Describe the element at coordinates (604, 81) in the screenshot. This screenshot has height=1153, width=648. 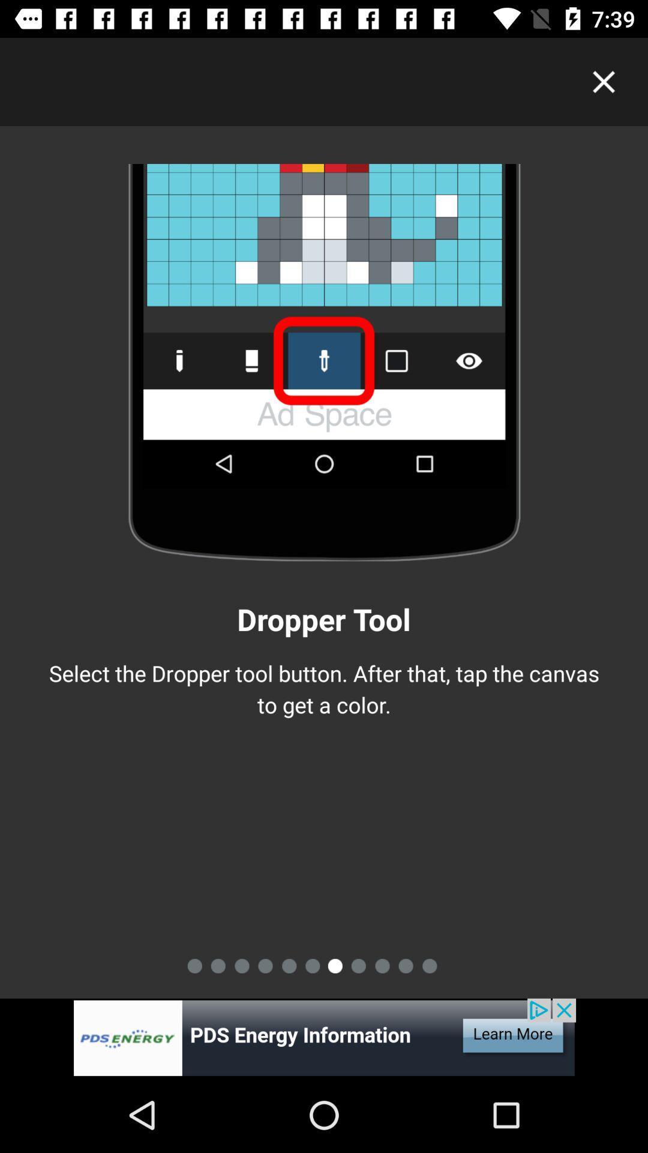
I see `screen` at that location.